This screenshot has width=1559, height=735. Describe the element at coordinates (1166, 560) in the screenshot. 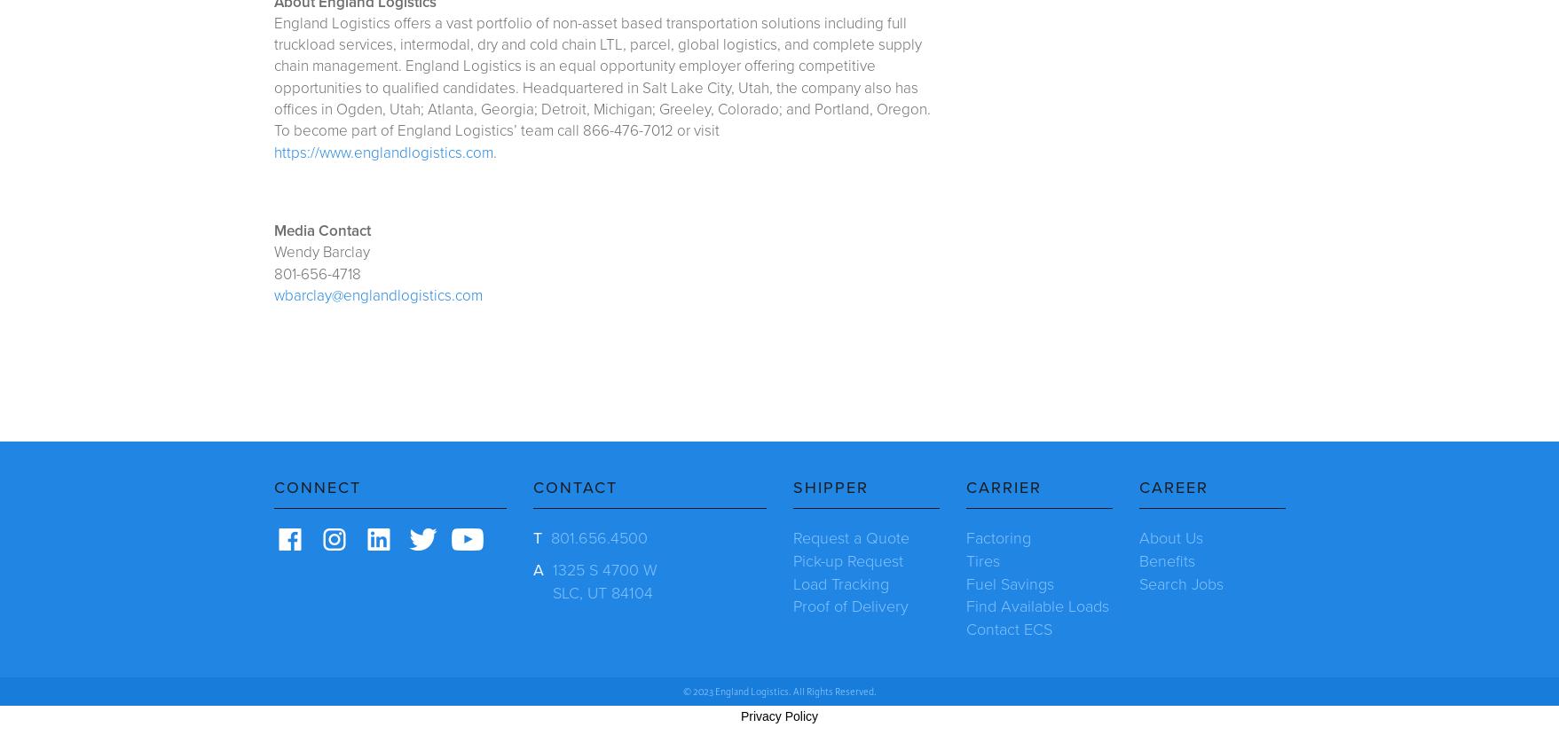

I see `'Benefits'` at that location.